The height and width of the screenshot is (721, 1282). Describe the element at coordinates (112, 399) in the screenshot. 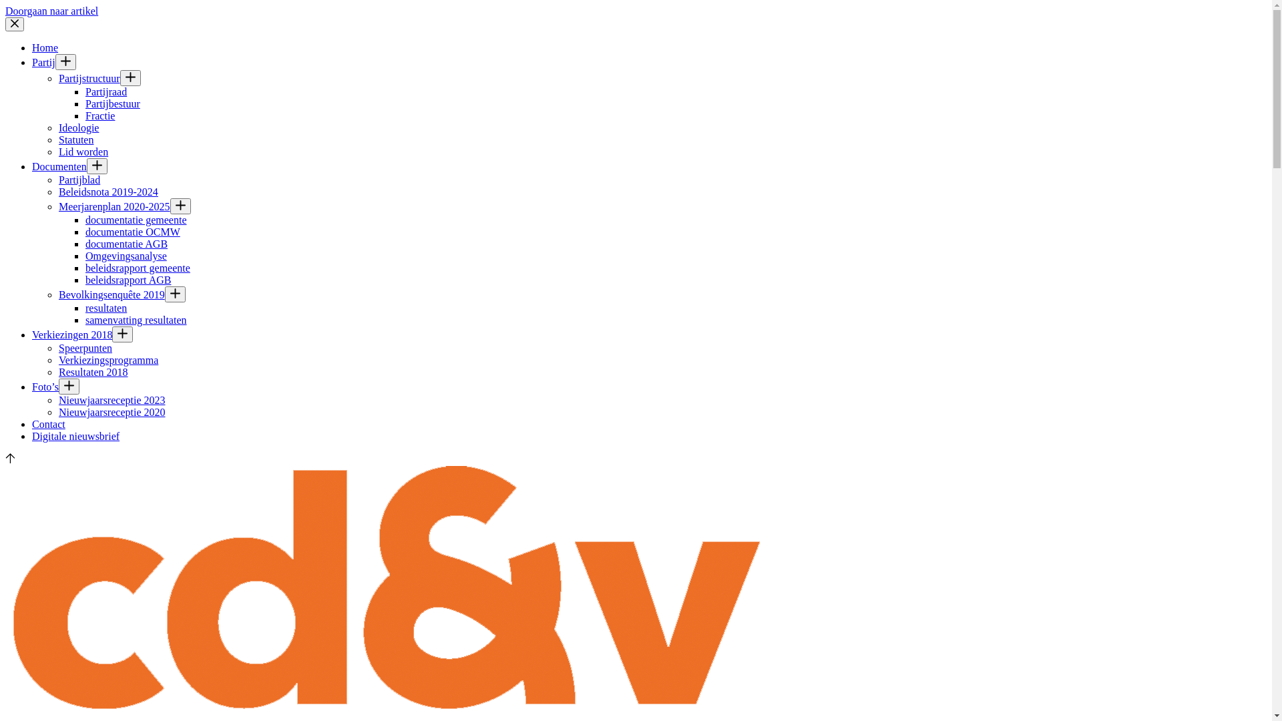

I see `'Nieuwjaarsreceptie 2023'` at that location.